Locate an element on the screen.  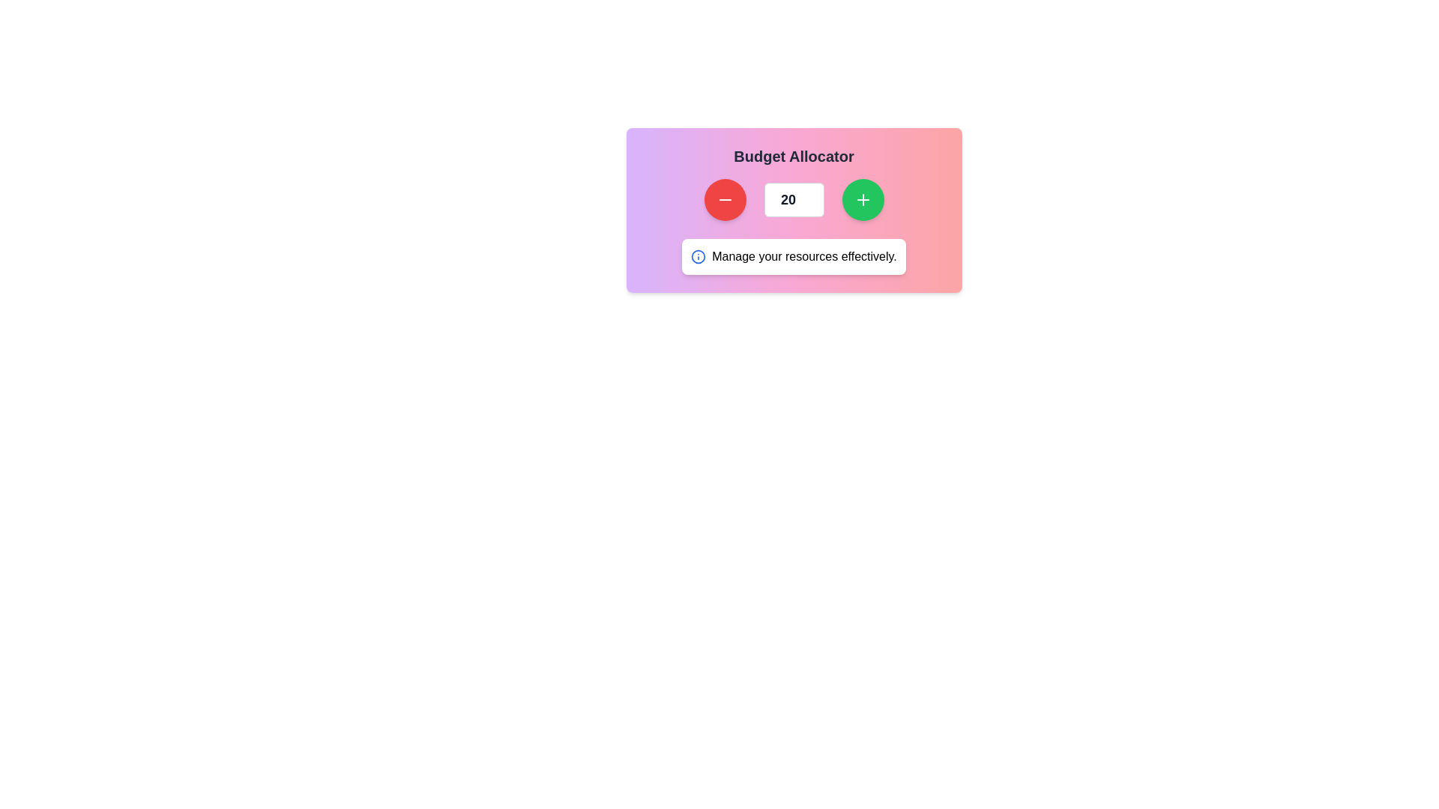
the Text information box that contains the snippet 'Manage your resources effectively.' and a blue circular icon with an 'i' symbol, located at the bottom center of the 'Budget Allocator' card is located at coordinates (793, 256).